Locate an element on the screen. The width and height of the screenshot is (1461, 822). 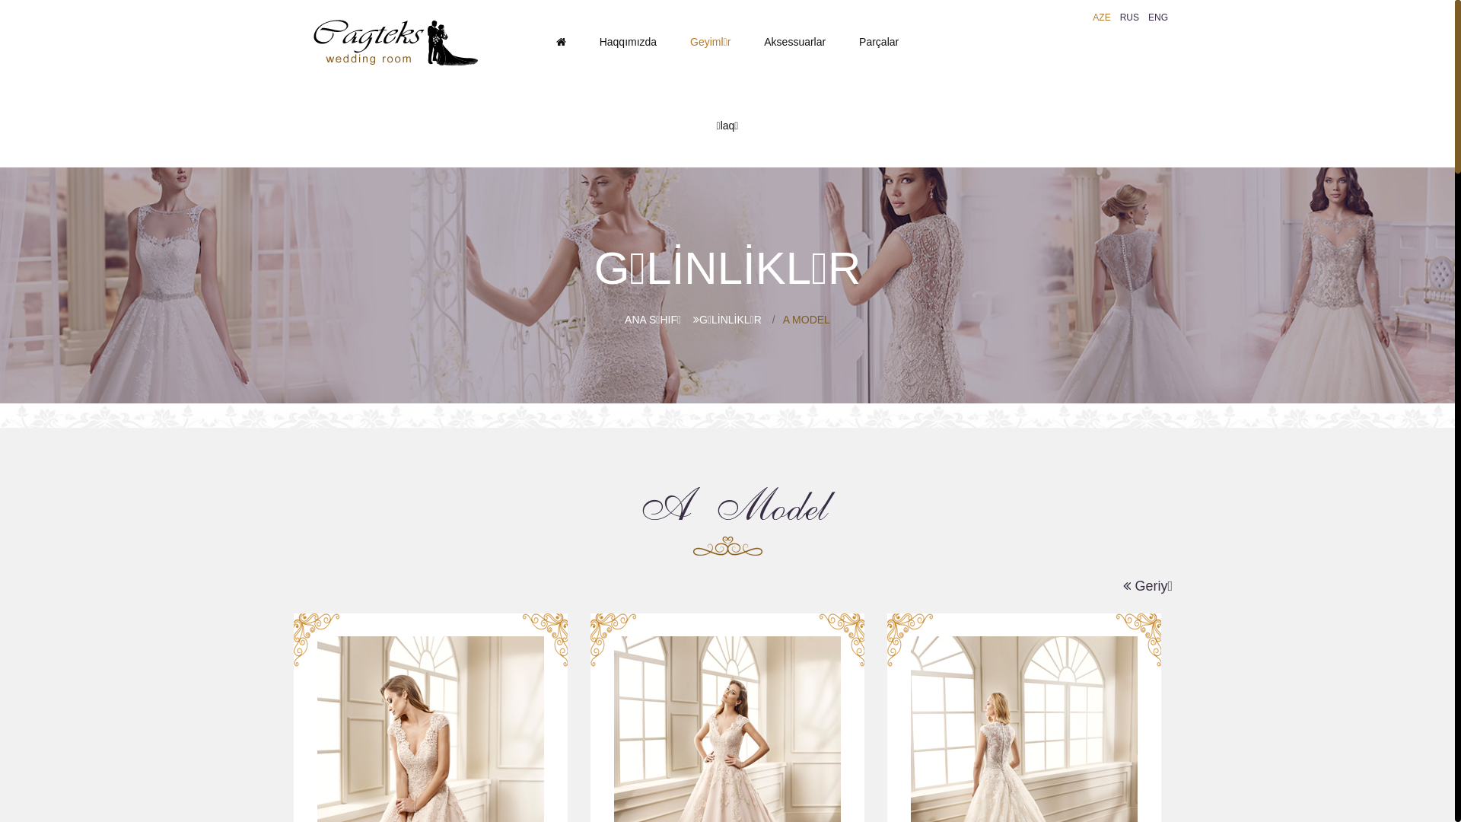
'RUS' is located at coordinates (1129, 18).